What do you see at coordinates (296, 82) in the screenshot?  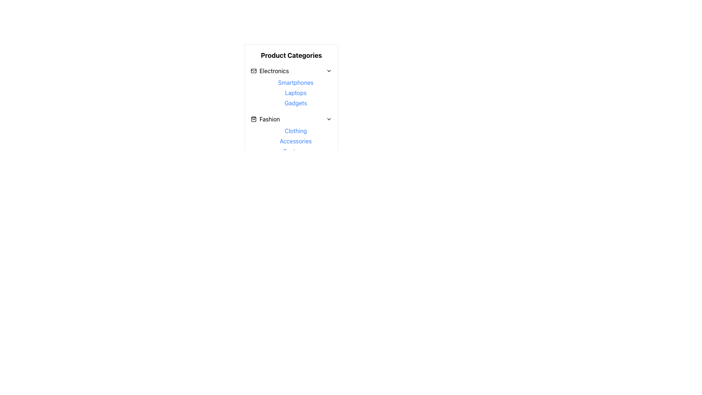 I see `the 'Smartphones' text label or link` at bounding box center [296, 82].